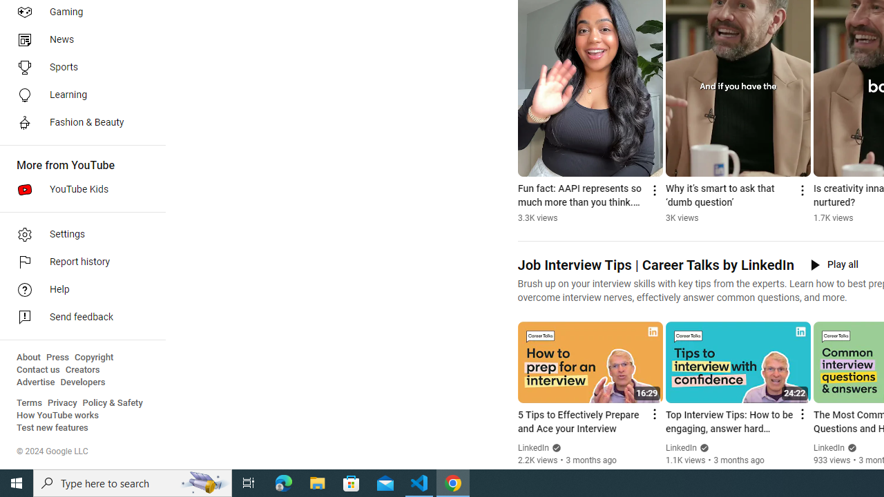 The width and height of the screenshot is (884, 497). I want to click on 'Developers', so click(82, 382).